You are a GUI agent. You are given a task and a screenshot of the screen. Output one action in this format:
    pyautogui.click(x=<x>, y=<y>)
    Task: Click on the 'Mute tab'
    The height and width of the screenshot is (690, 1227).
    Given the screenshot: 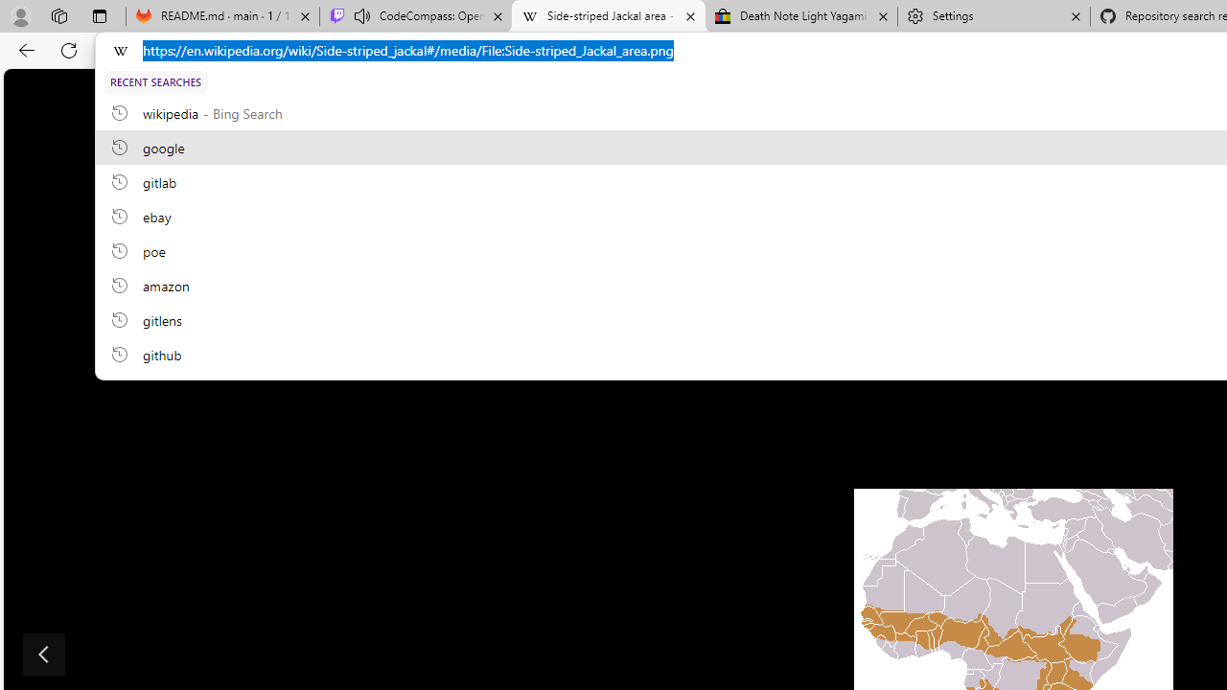 What is the action you would take?
    pyautogui.click(x=362, y=15)
    